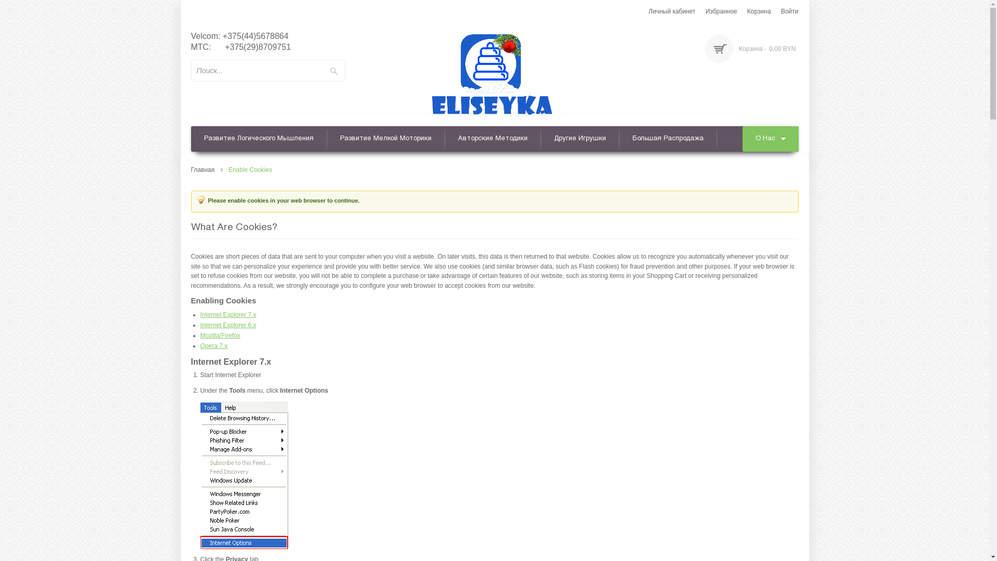 The width and height of the screenshot is (997, 561). Describe the element at coordinates (228, 314) in the screenshot. I see `'Internet Explorer 7.x'` at that location.